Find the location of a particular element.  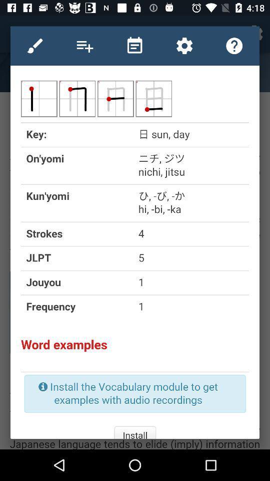

open calendar is located at coordinates (134, 46).